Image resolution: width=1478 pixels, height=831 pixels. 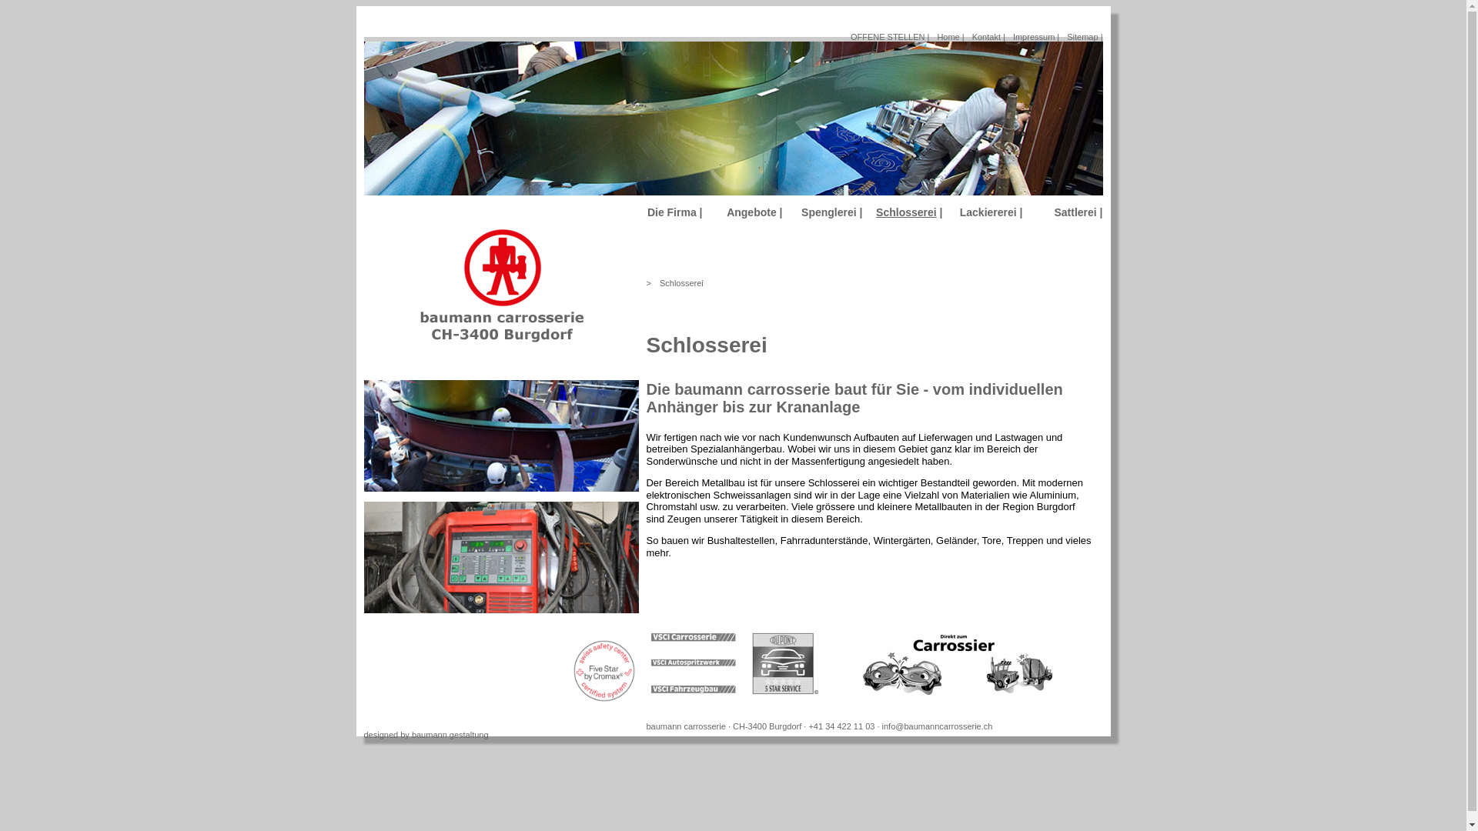 I want to click on 'Home', so click(x=947, y=35).